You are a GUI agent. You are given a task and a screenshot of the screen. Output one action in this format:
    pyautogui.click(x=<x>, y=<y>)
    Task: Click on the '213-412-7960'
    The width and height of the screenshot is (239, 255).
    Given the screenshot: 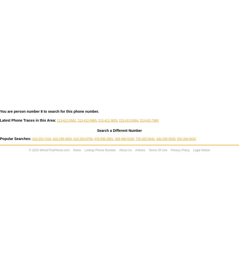 What is the action you would take?
    pyautogui.click(x=149, y=120)
    